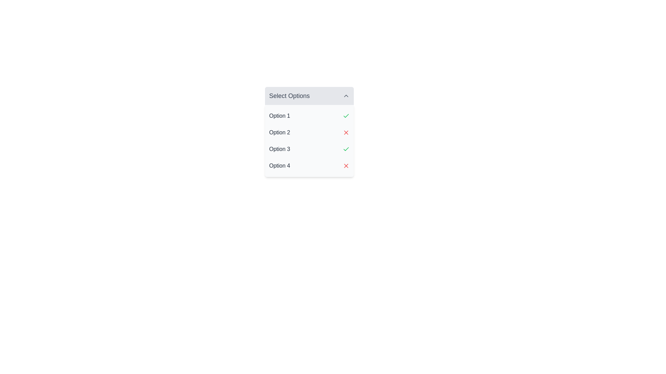  I want to click on the dropdown header to toggle its open/closed state, so click(309, 96).